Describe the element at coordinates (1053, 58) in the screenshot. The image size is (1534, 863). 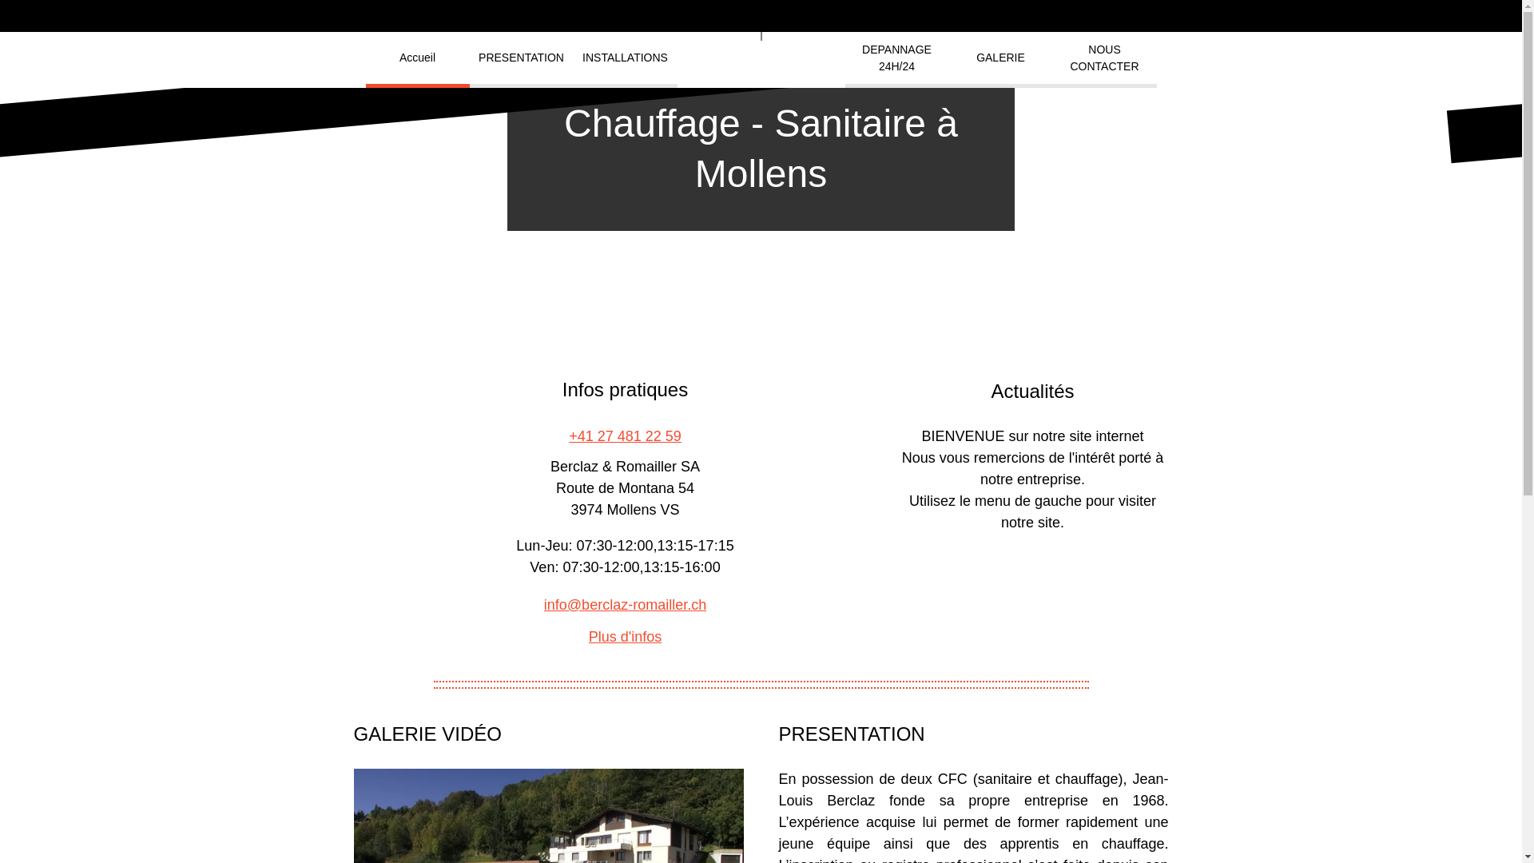
I see `'NOUS CONTACTER'` at that location.